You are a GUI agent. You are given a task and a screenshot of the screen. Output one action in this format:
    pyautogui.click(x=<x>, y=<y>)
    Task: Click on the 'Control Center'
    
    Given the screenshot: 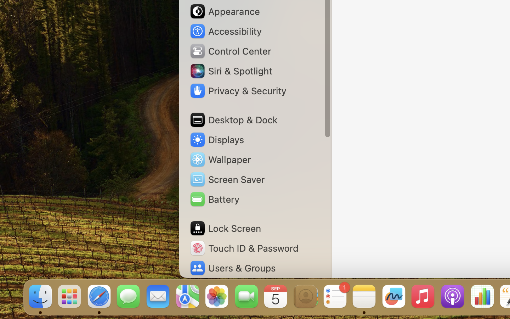 What is the action you would take?
    pyautogui.click(x=230, y=51)
    